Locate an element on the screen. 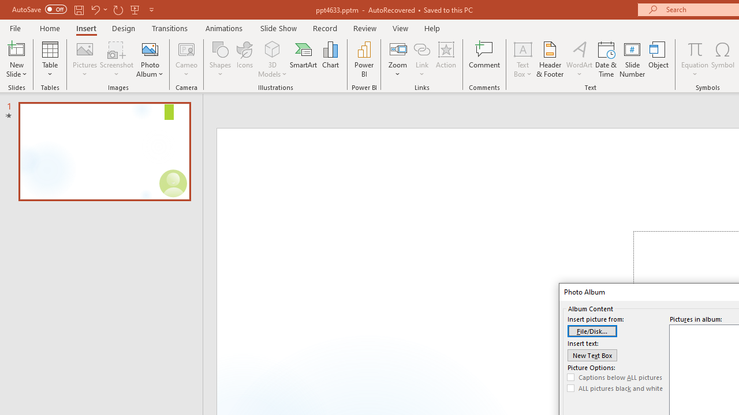 Image resolution: width=739 pixels, height=415 pixels. 'Object...' is located at coordinates (659, 59).